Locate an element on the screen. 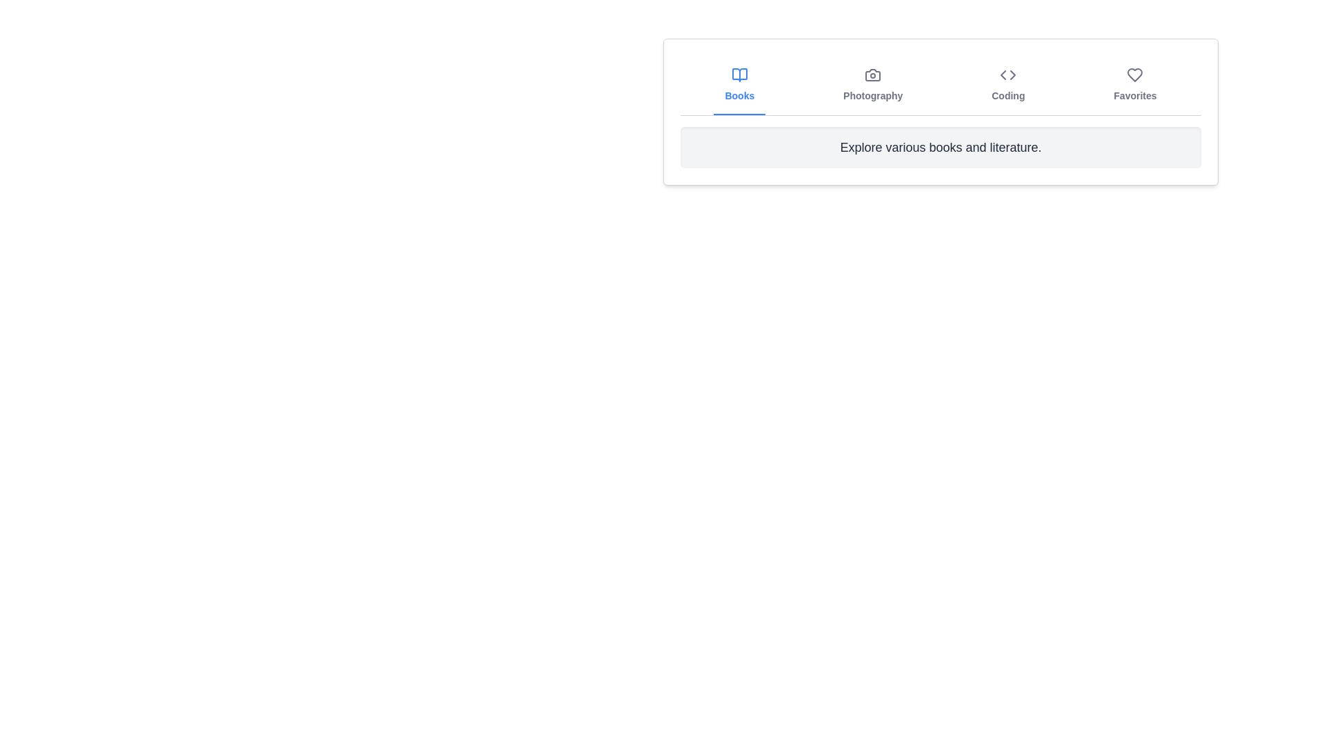 The height and width of the screenshot is (745, 1324). the 'Photography' button in the navigation bar to observe visual effects, which features a camera icon above bold text that reads 'Photography' is located at coordinates (872, 85).